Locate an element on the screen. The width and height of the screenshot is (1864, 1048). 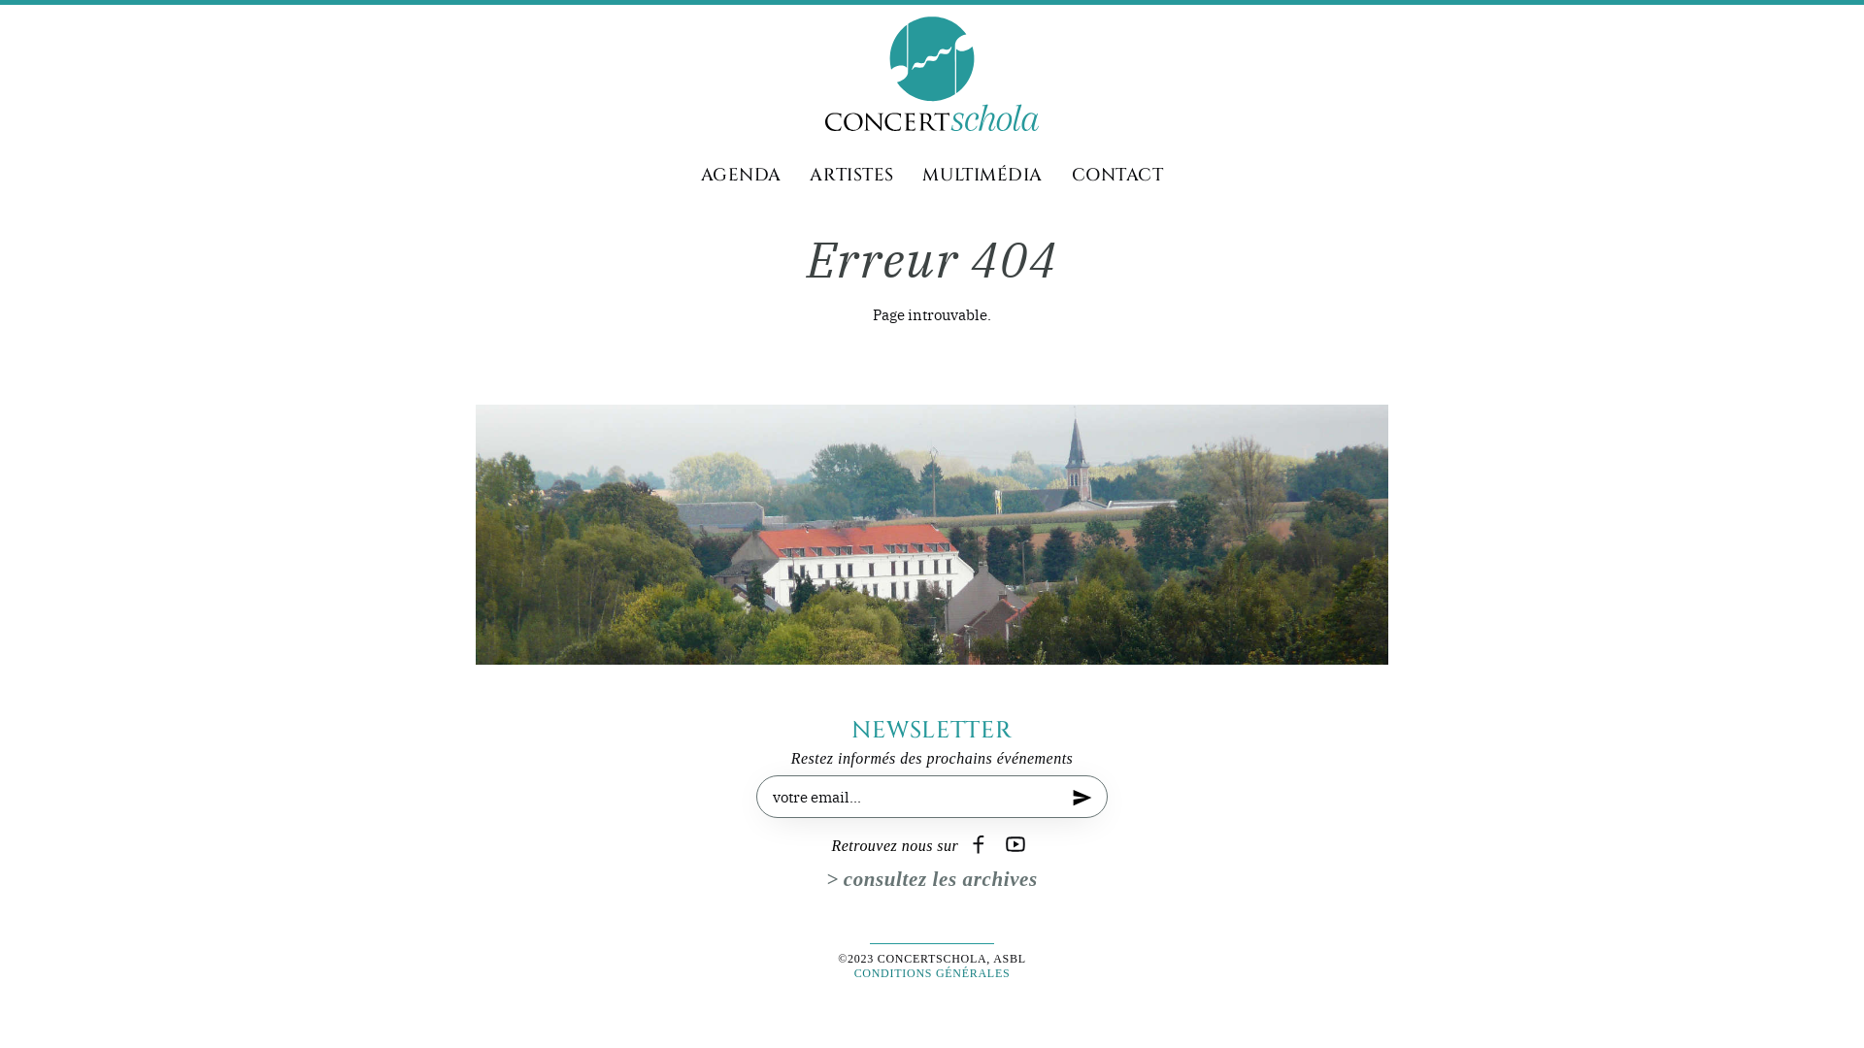
'ARTISTES' is located at coordinates (810, 176).